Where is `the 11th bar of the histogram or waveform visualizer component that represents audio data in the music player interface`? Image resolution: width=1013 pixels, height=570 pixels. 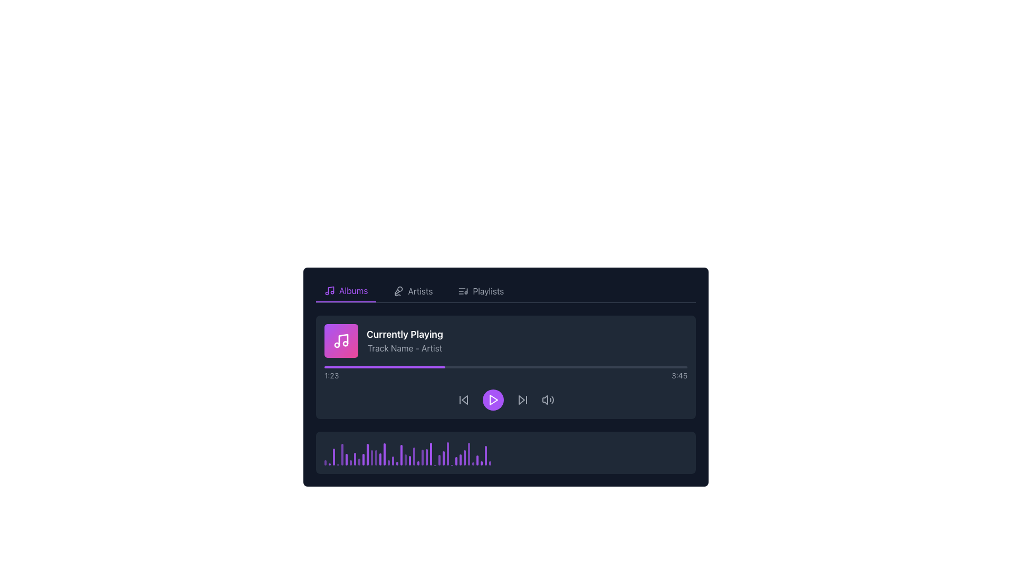
the 11th bar of the histogram or waveform visualizer component that represents audio data in the music player interface is located at coordinates (367, 453).